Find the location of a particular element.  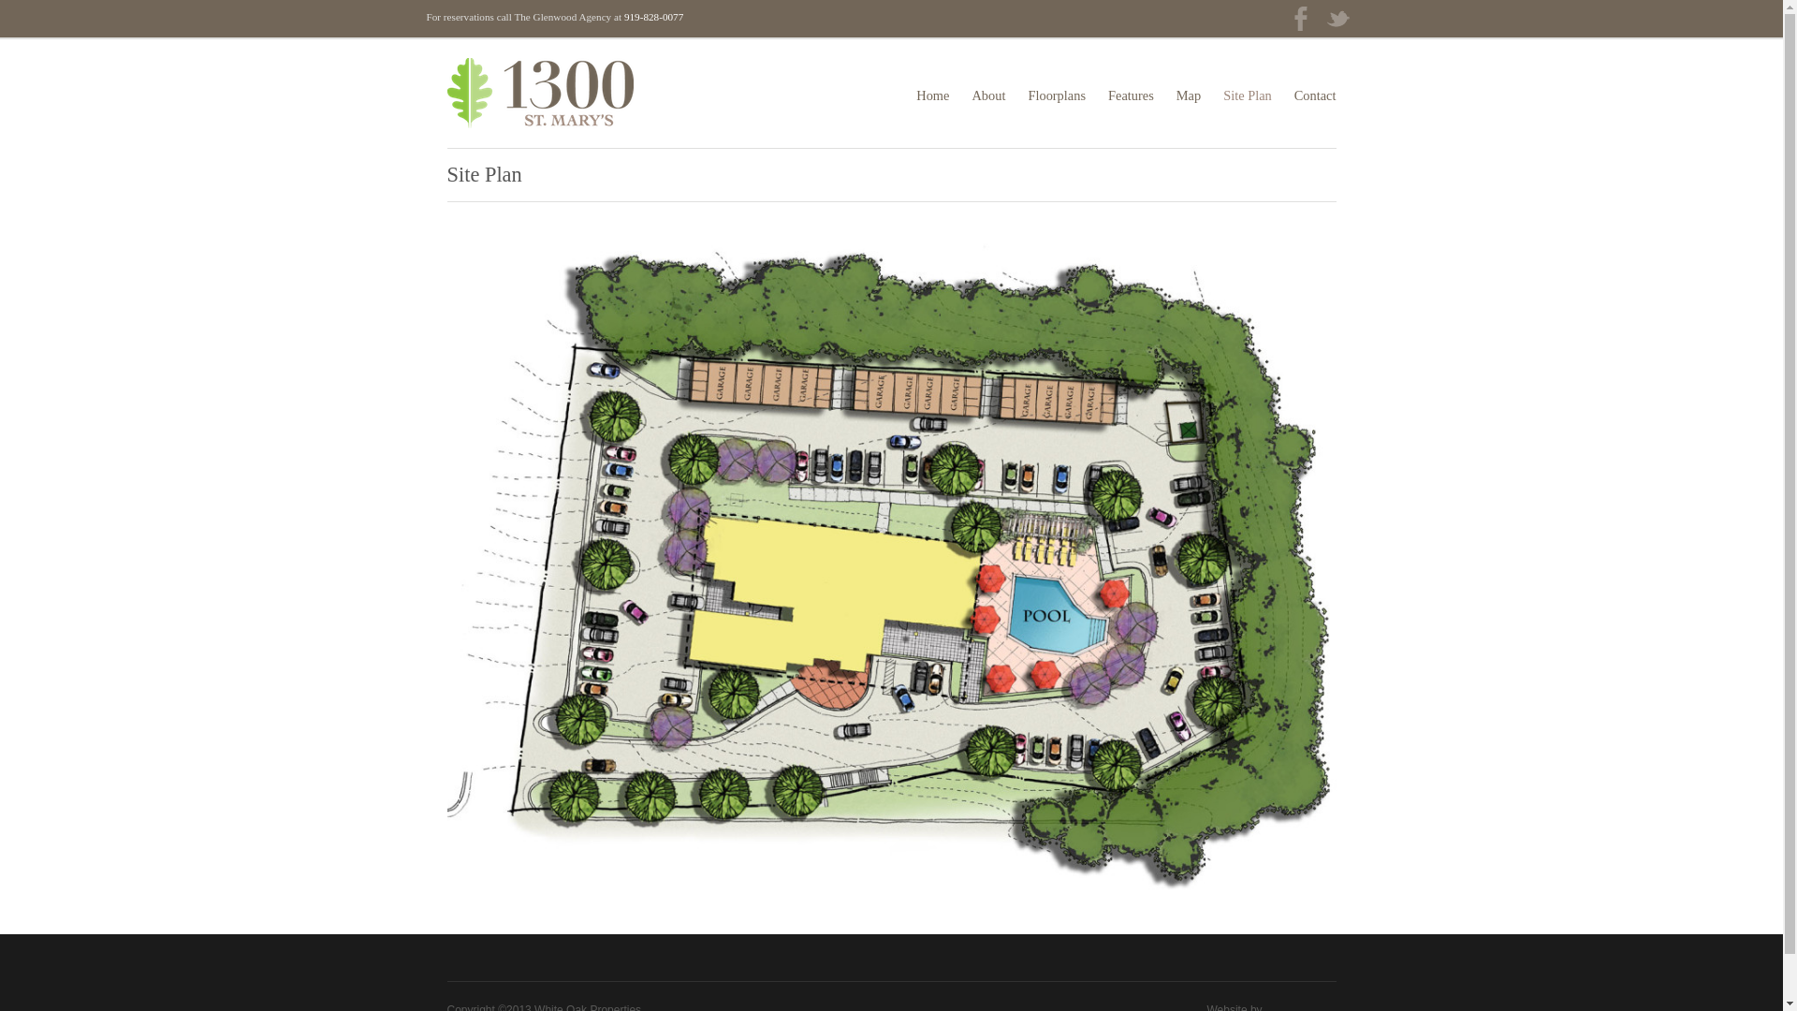

'Contact' is located at coordinates (1314, 95).